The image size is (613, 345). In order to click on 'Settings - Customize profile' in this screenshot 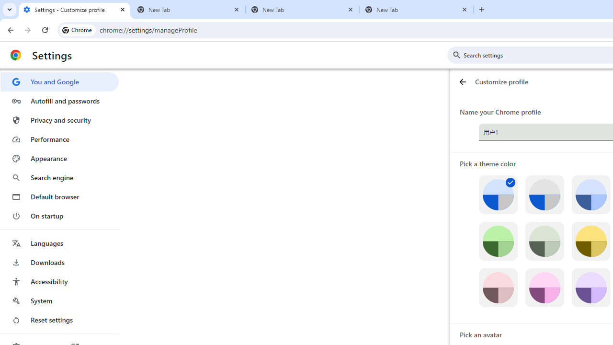, I will do `click(74, 10)`.